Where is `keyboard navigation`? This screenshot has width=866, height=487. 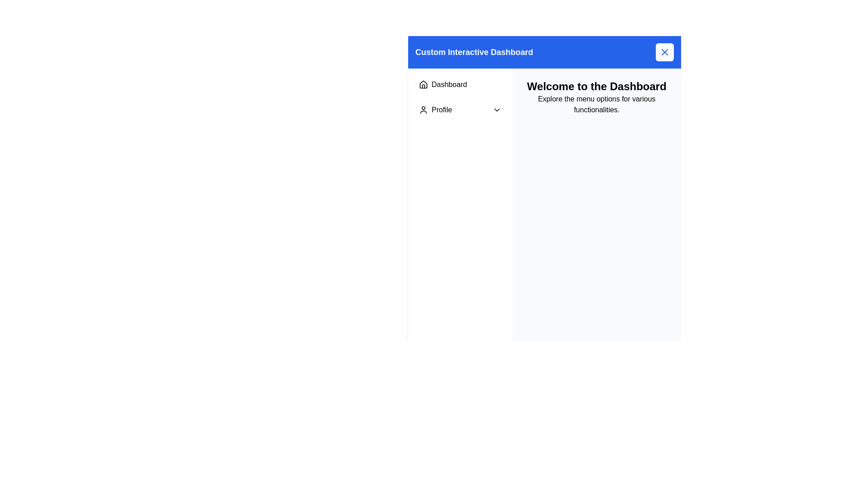 keyboard navigation is located at coordinates (460, 85).